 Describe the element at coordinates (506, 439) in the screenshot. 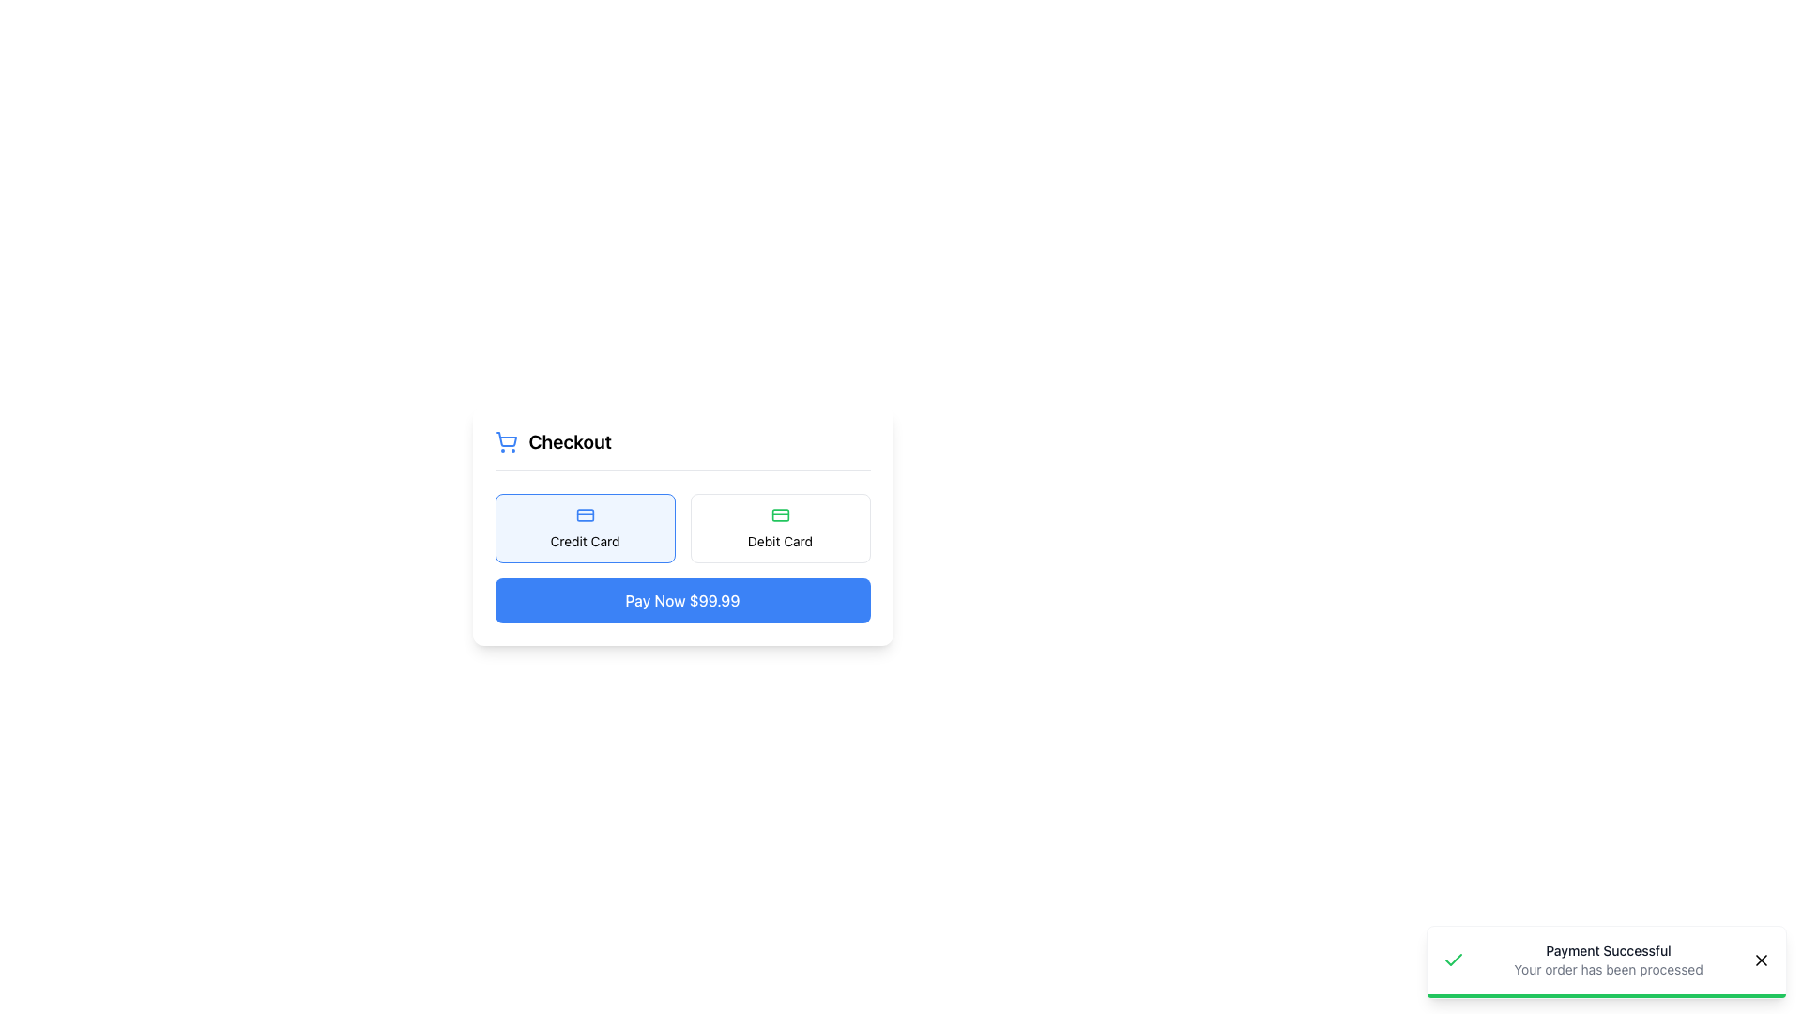

I see `the blue shopping cart icon located in the upper section of the interface, above the 'Credit Card' and 'Debit Card' buttons` at that location.